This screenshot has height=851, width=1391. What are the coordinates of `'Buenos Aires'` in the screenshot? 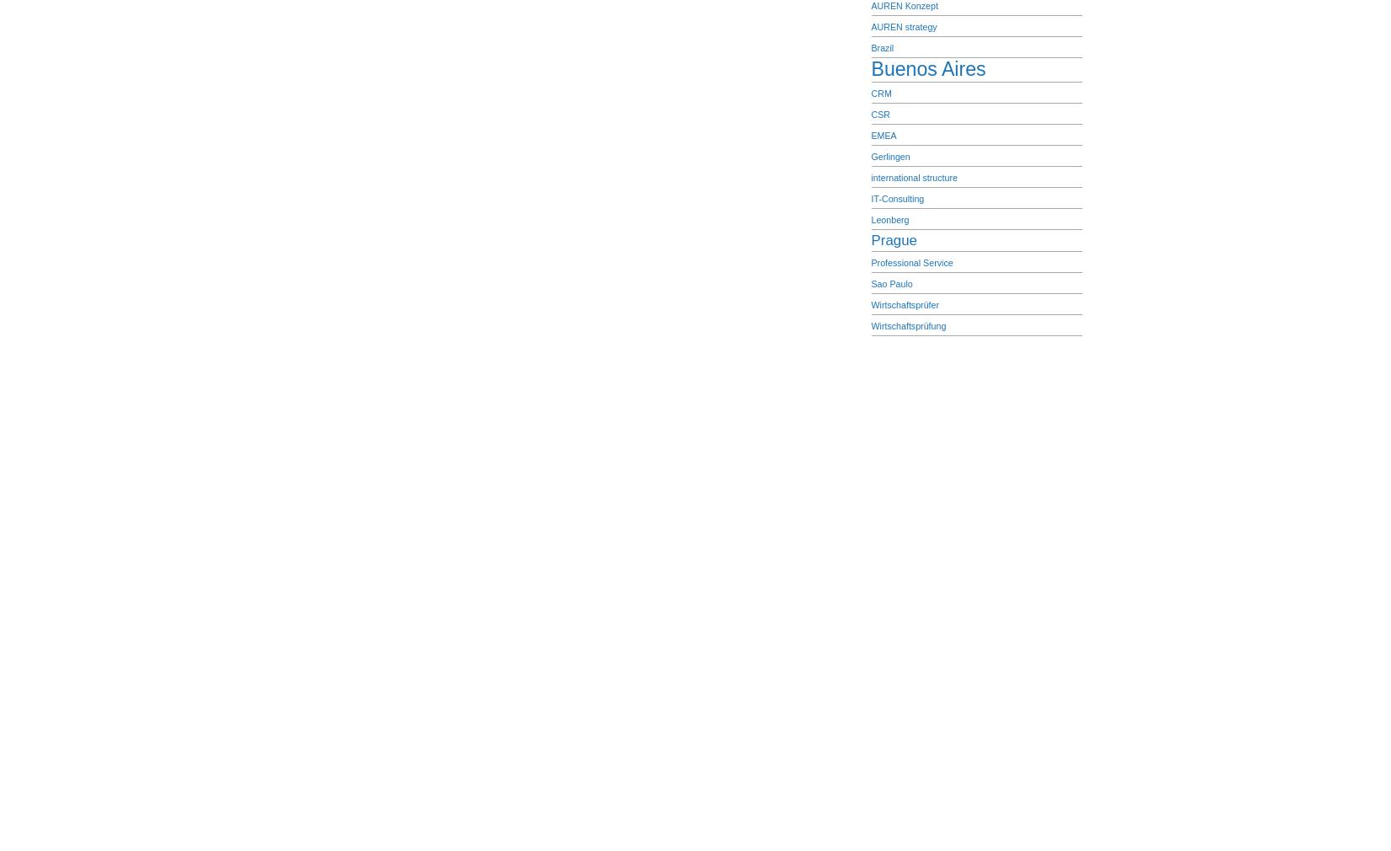 It's located at (928, 67).